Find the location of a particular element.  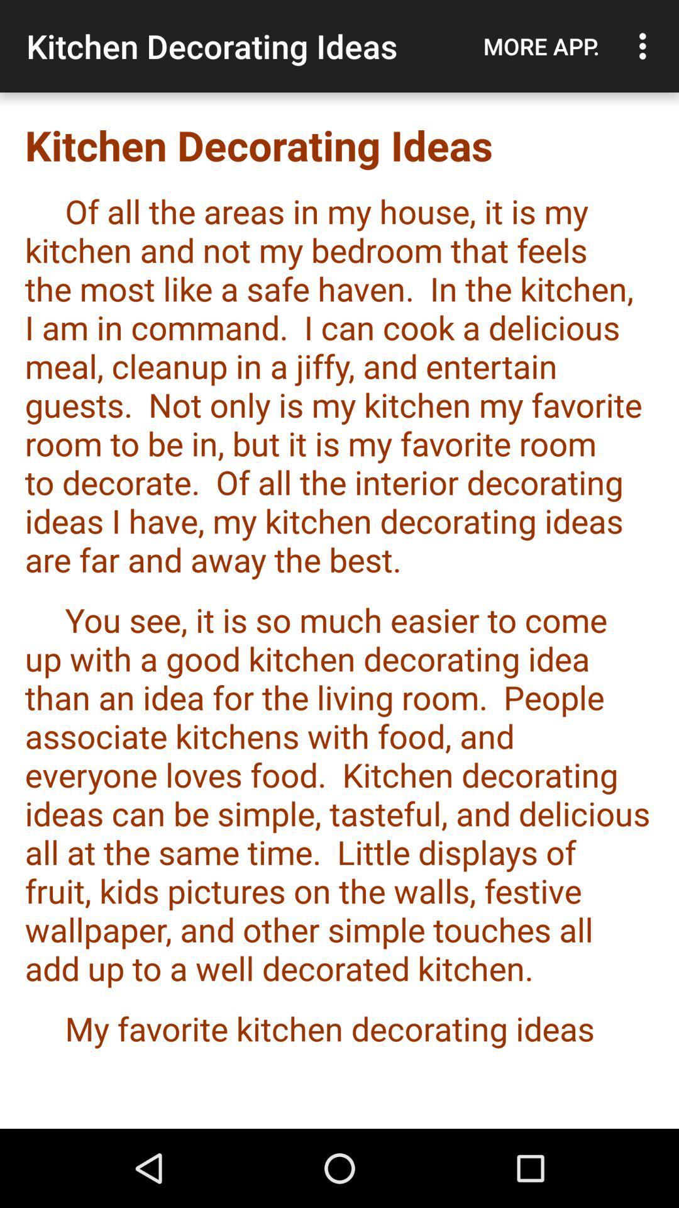

more app. item is located at coordinates (541, 46).